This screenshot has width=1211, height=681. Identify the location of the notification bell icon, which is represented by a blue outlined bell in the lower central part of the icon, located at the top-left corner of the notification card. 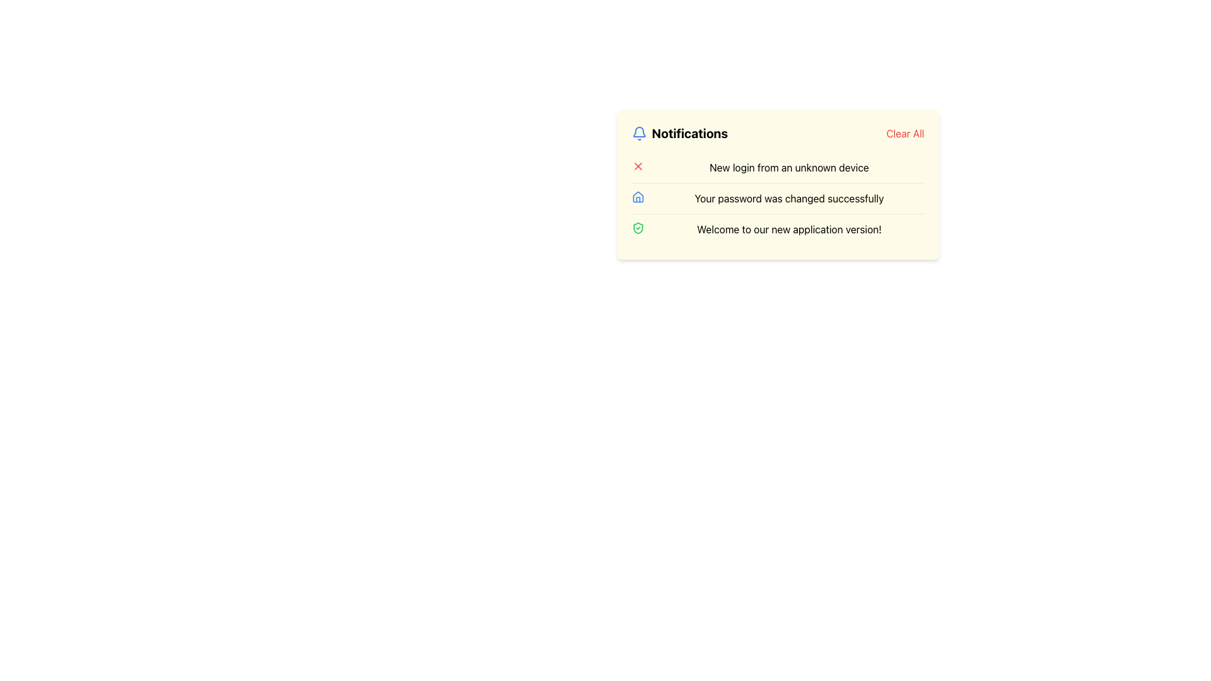
(639, 132).